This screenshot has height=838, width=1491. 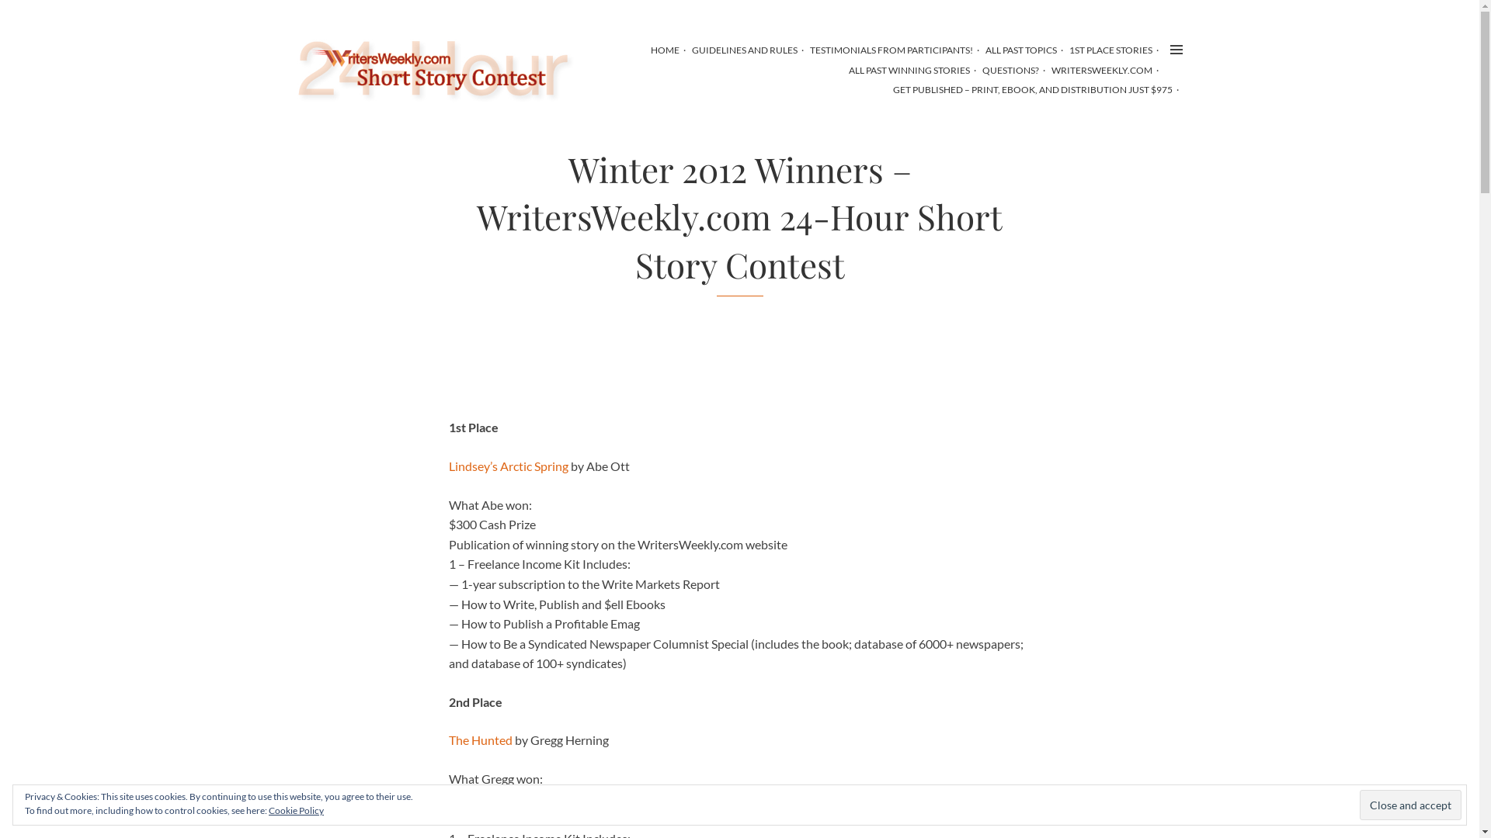 I want to click on 'ALL PAST TOPICS', so click(x=1020, y=49).